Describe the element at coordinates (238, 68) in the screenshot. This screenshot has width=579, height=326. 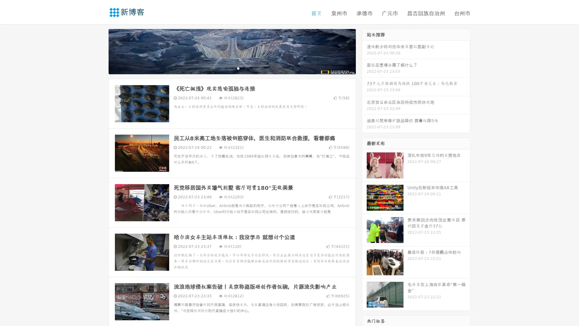
I see `Go to slide 3` at that location.